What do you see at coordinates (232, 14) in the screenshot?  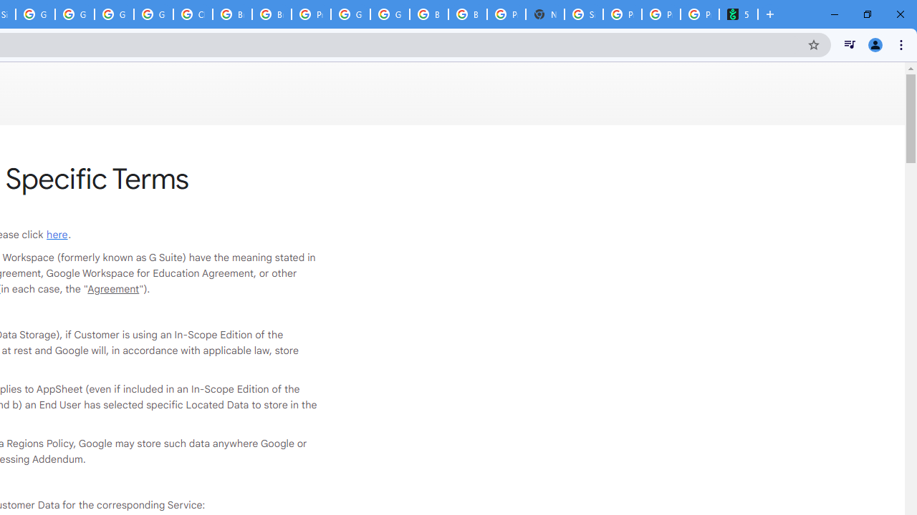 I see `'Browse Chrome as a guest - Computer - Google Chrome Help'` at bounding box center [232, 14].